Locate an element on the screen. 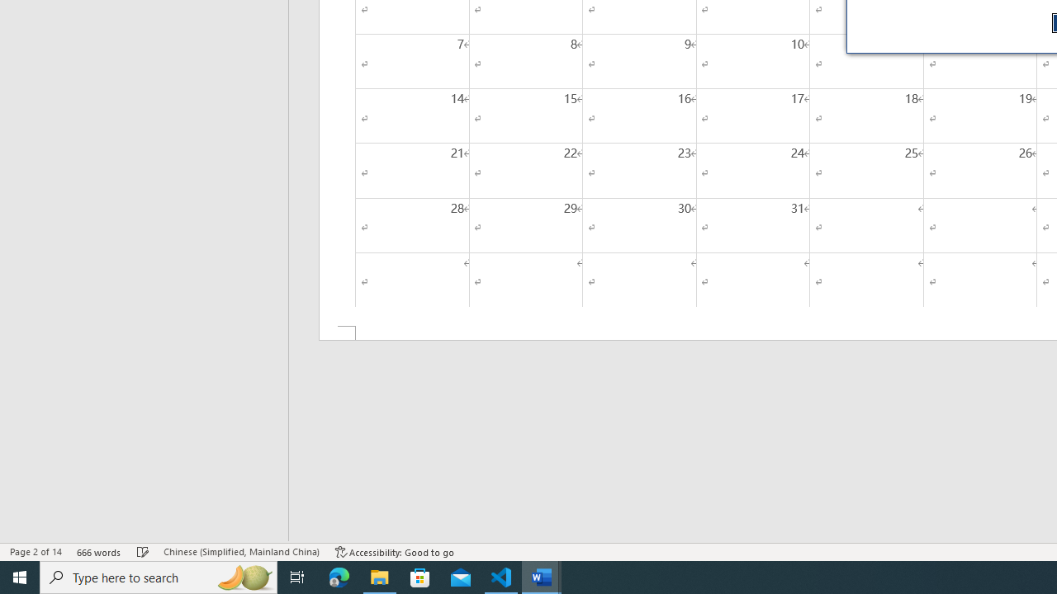 This screenshot has width=1057, height=594. 'Accessibility Checker Accessibility: Good to go' is located at coordinates (394, 552).